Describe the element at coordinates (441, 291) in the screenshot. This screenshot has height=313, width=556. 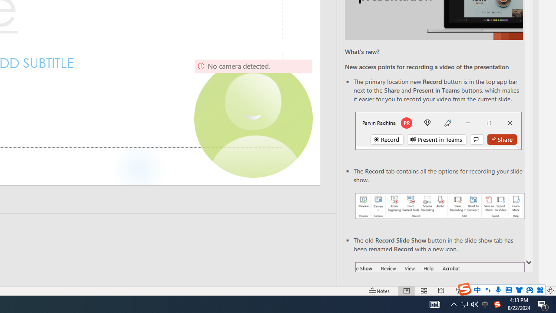
I see `'Reading View'` at that location.